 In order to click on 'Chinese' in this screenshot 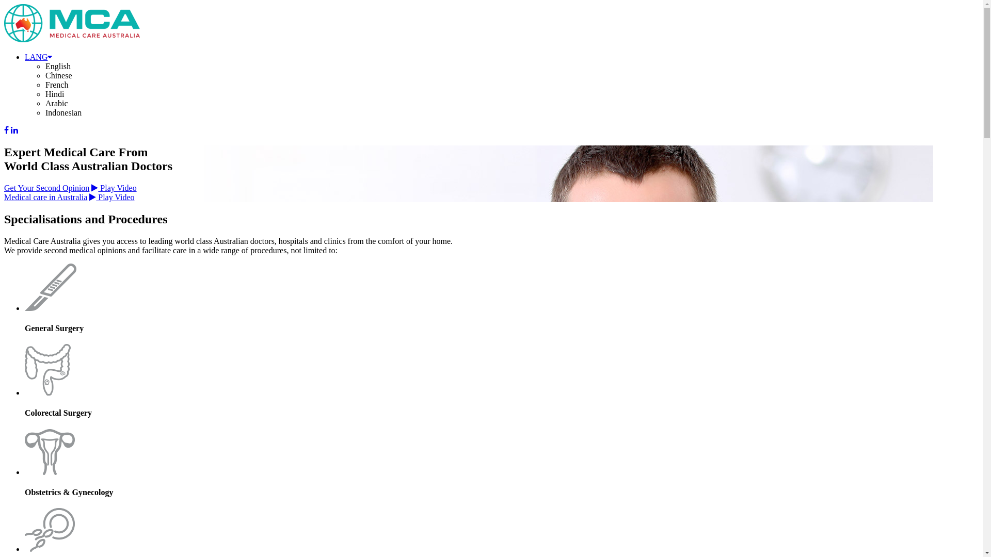, I will do `click(58, 75)`.